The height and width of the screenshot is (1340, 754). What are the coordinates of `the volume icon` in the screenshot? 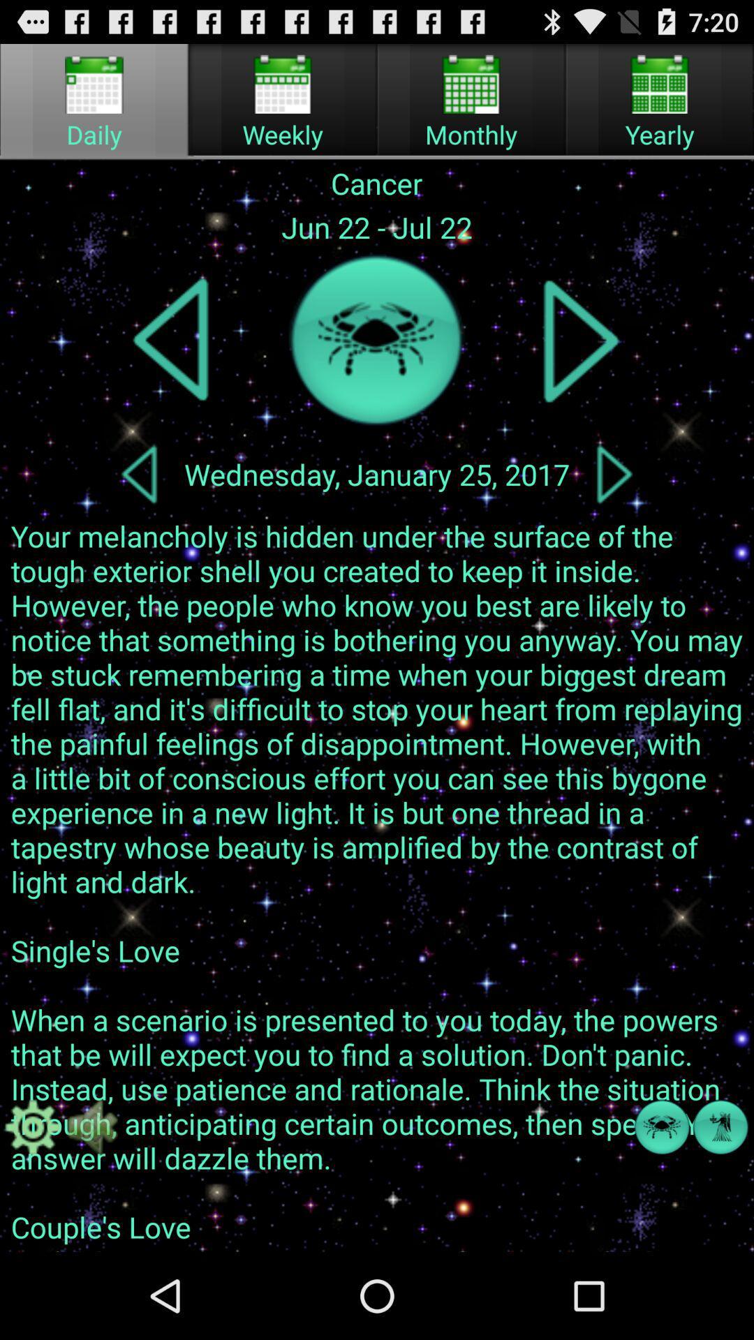 It's located at (91, 1205).